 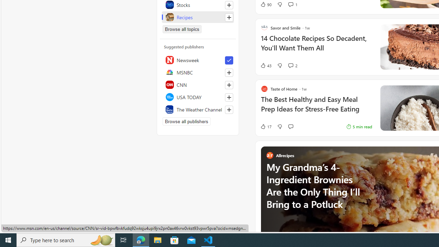 I want to click on 'Browse all topics', so click(x=182, y=28).